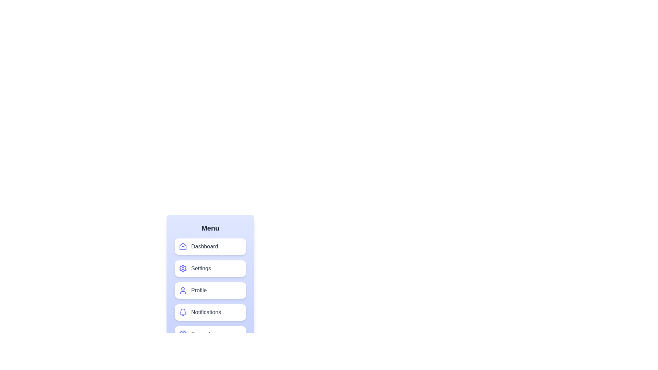 The image size is (658, 370). I want to click on the notification bell icon located in the lower portion of the menu section, specifically within the 'Notifications' item, which is the fourth position among other menu items, so click(183, 311).